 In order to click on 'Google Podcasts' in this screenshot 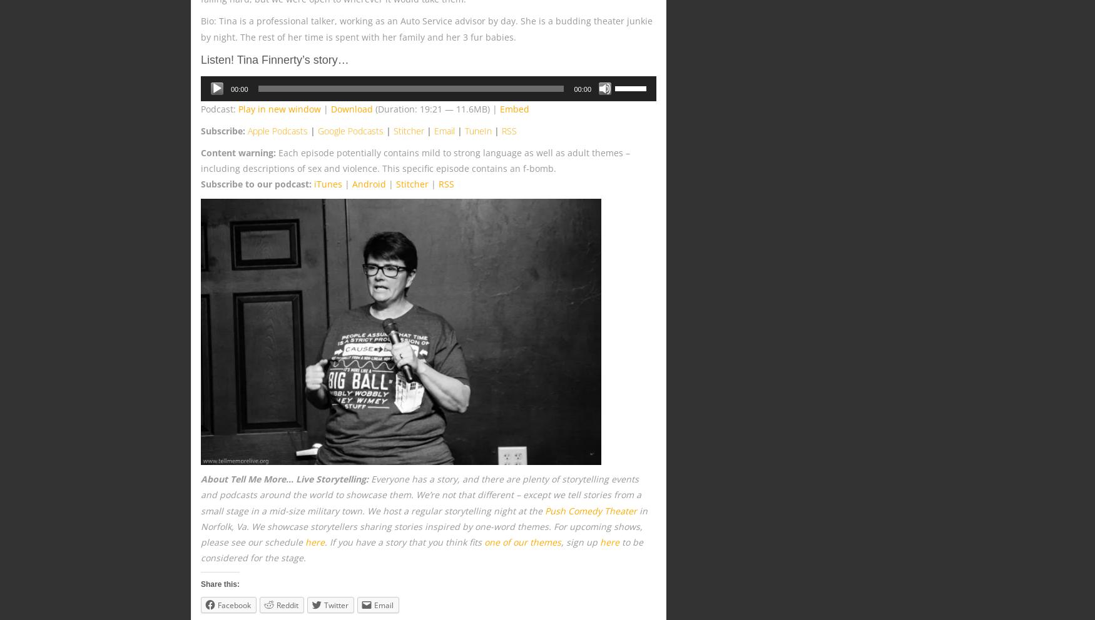, I will do `click(350, 130)`.